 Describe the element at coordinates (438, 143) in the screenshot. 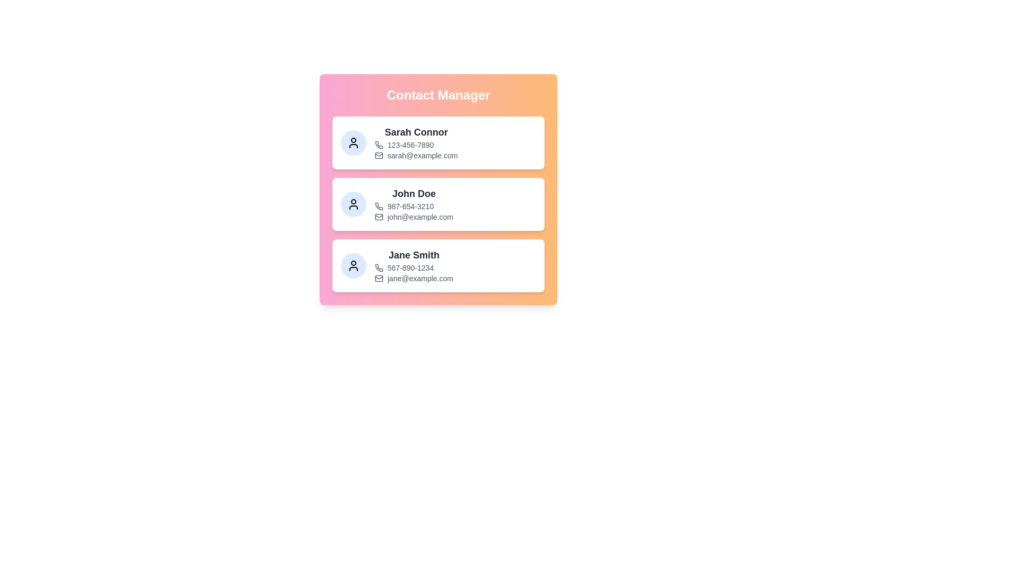

I see `the contact card to view details for Sarah Connor` at that location.